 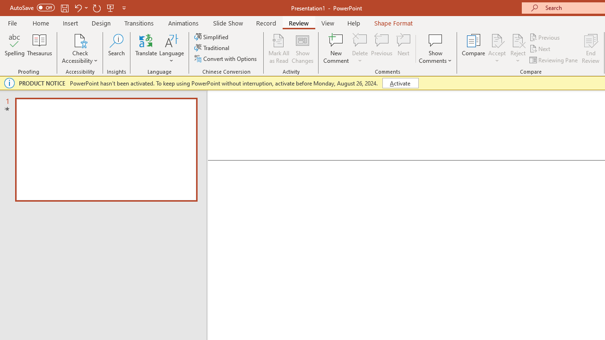 I want to click on 'Next', so click(x=541, y=49).